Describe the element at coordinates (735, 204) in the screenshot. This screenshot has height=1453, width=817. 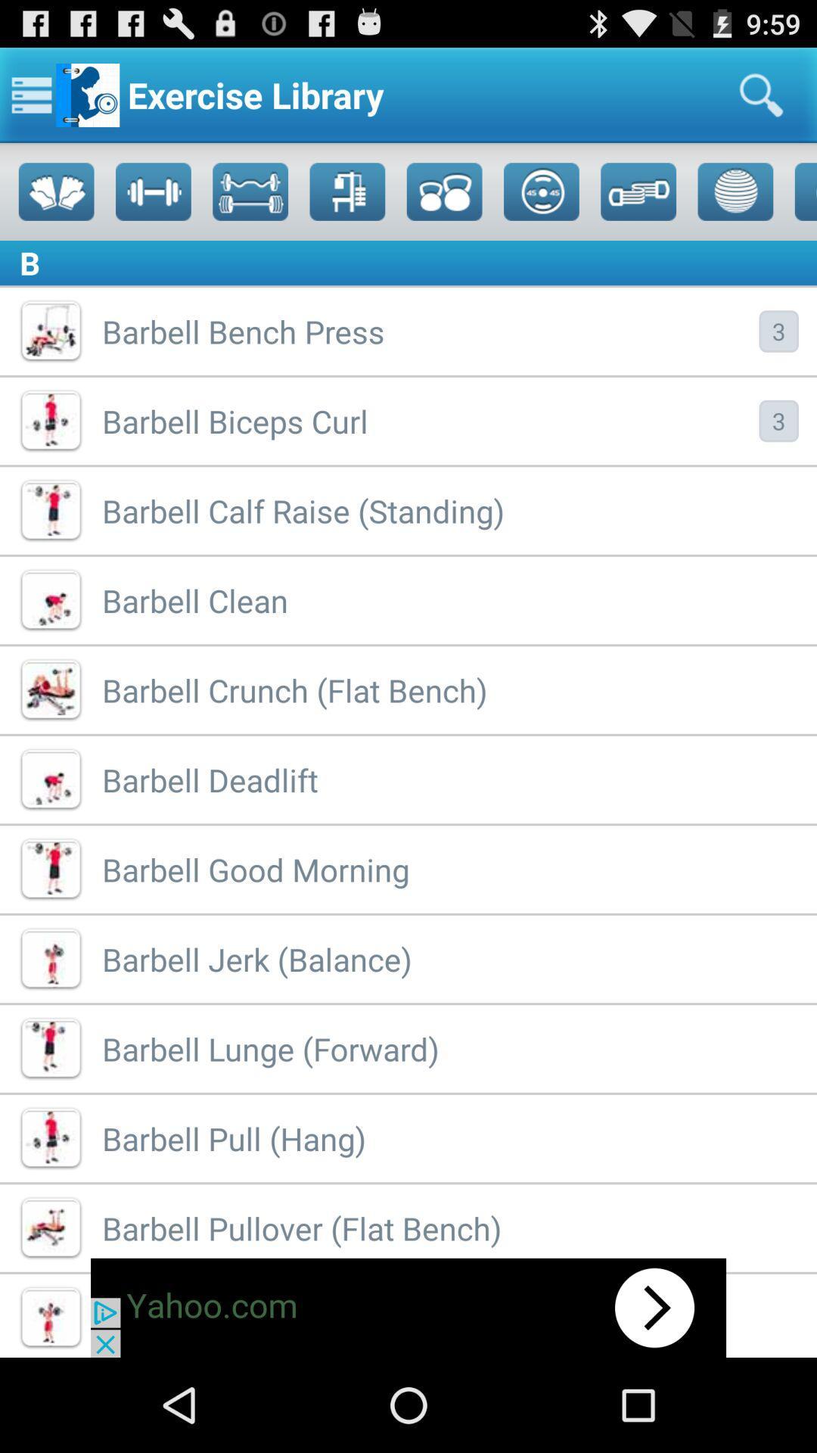
I see `the globe icon` at that location.